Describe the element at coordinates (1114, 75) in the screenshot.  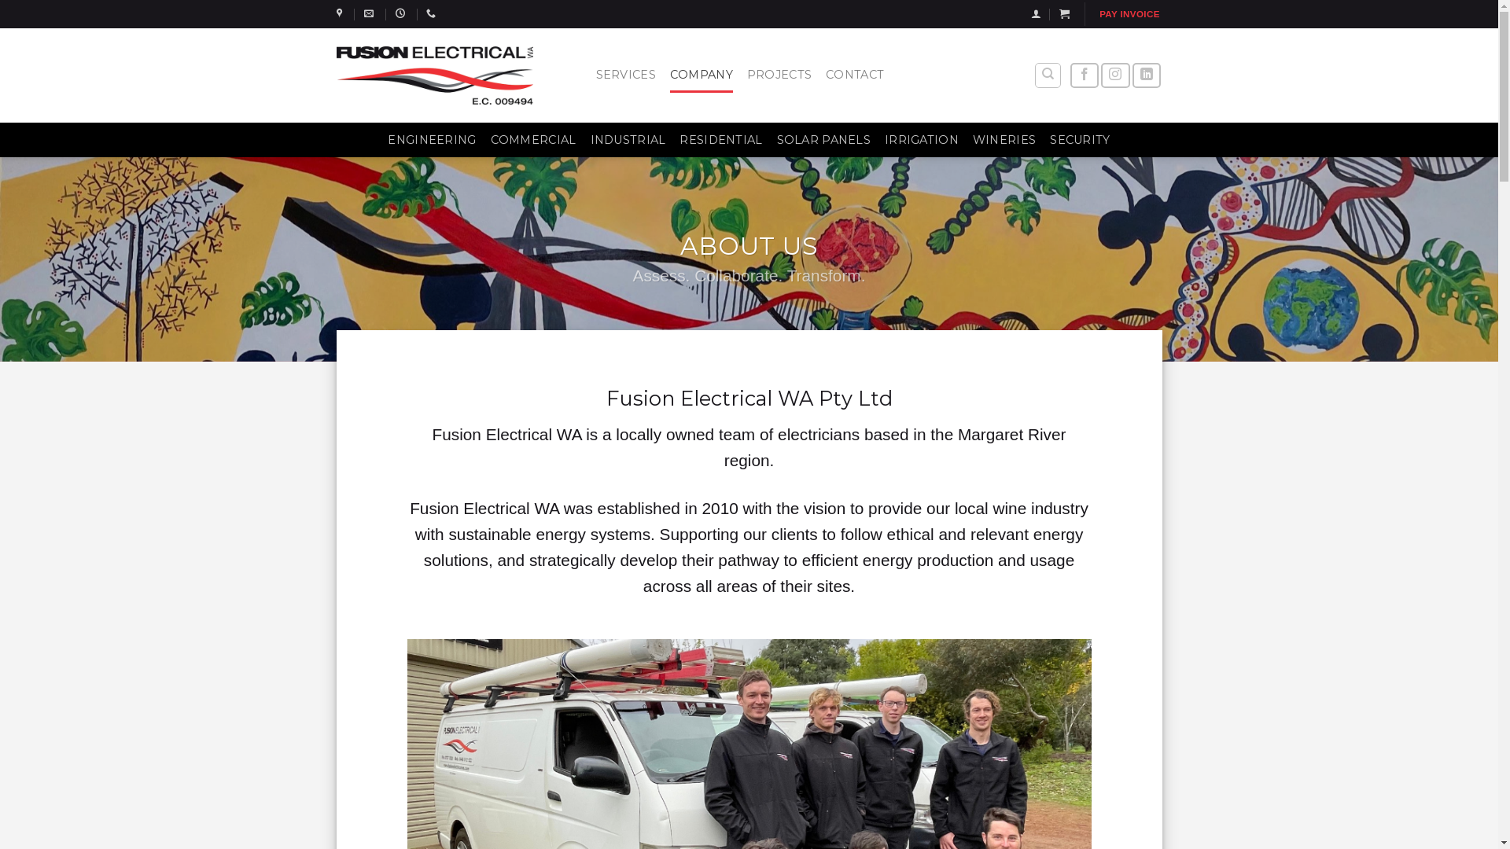
I see `'Follow on Instagram'` at that location.